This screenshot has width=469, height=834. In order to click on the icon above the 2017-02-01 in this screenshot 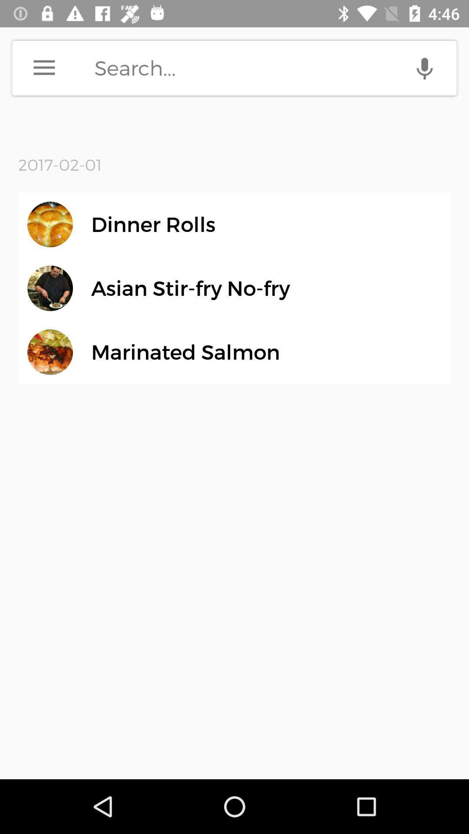, I will do `click(44, 67)`.